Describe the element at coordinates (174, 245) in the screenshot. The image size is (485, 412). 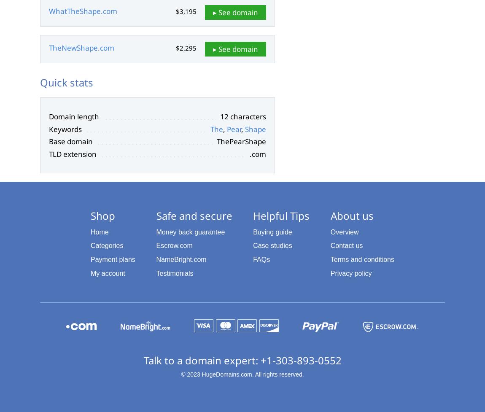
I see `'Escrow.com'` at that location.